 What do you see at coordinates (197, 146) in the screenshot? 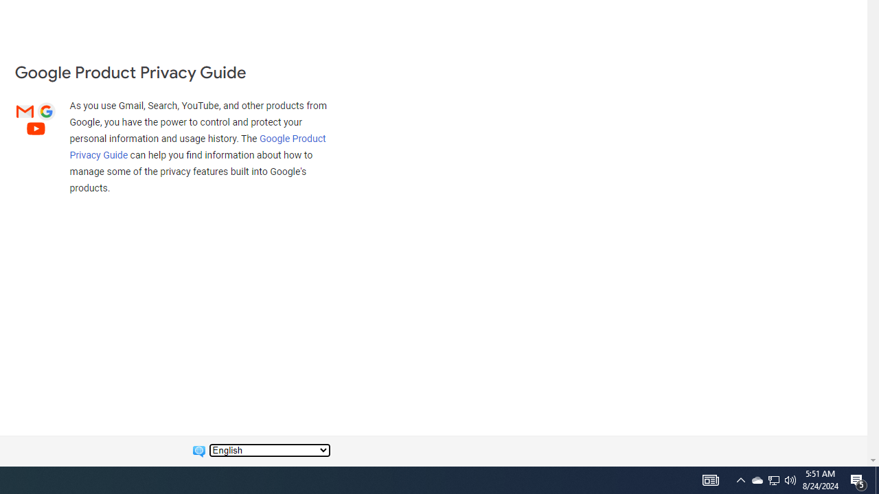
I see `'Google Product Privacy Guide'` at bounding box center [197, 146].